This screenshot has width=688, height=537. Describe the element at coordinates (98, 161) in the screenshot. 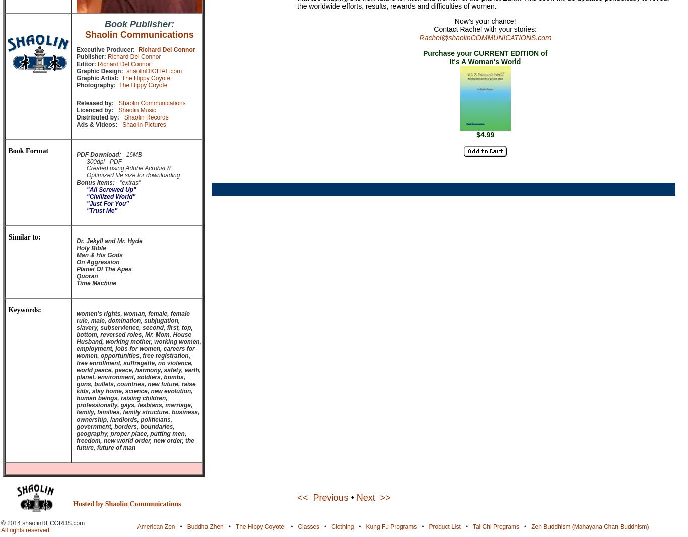

I see `'300dpi   PDF'` at that location.